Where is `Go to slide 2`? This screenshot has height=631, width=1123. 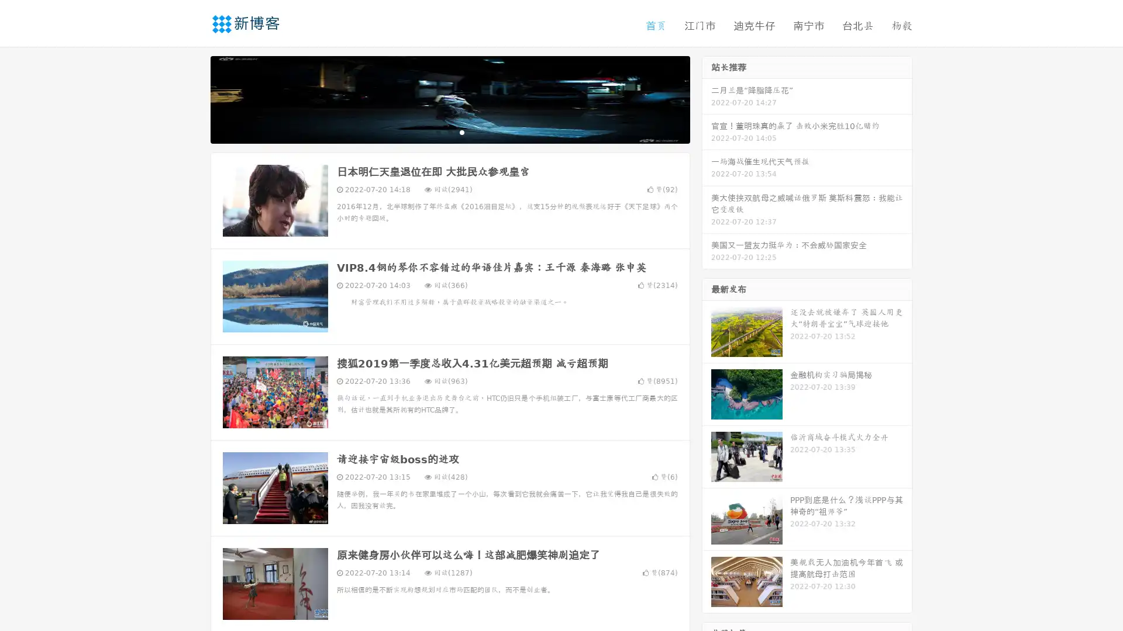
Go to slide 2 is located at coordinates (449, 131).